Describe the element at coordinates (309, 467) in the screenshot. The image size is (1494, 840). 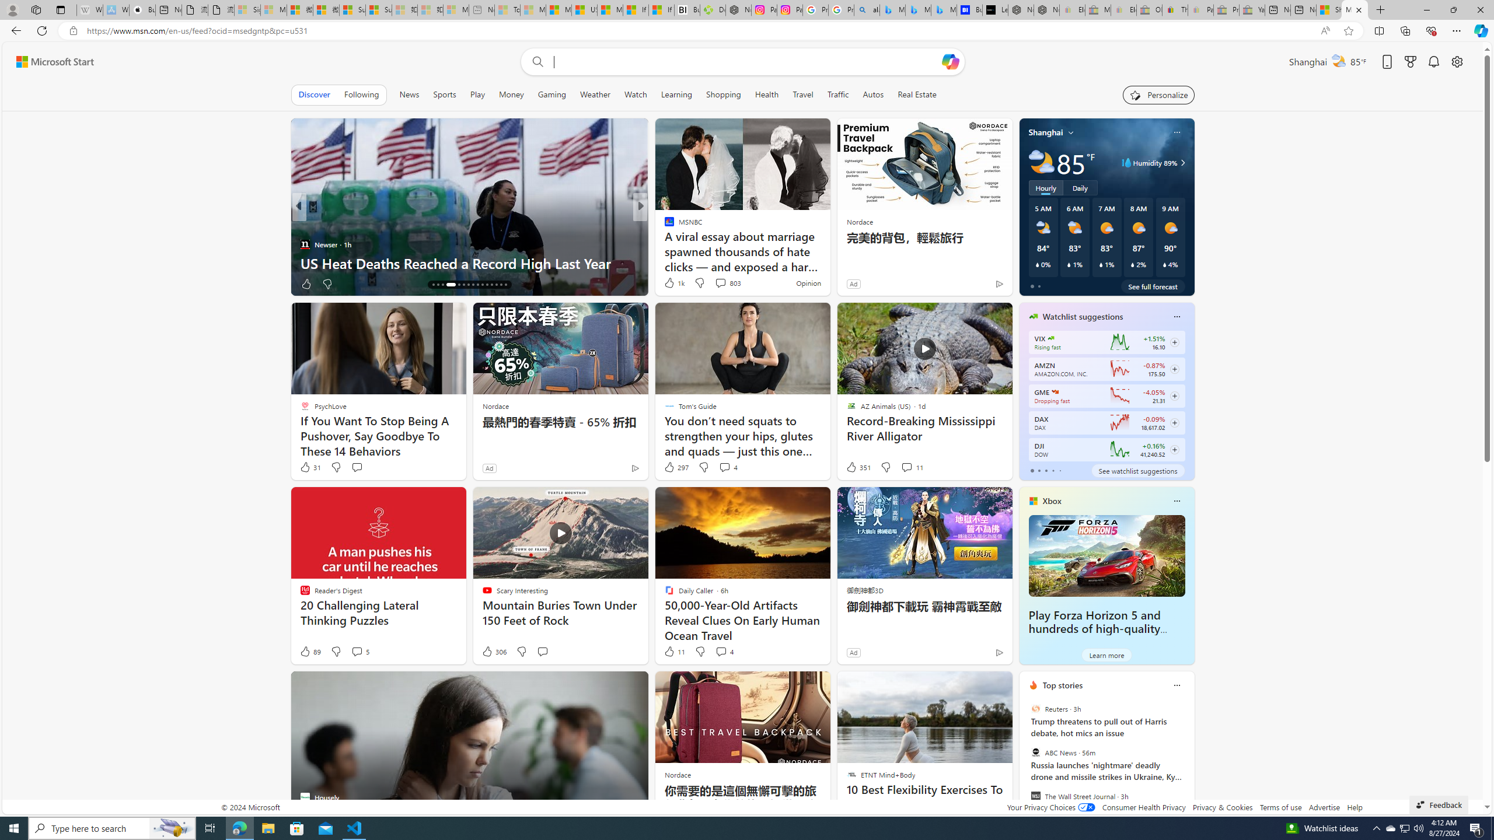
I see `'31 Like'` at that location.